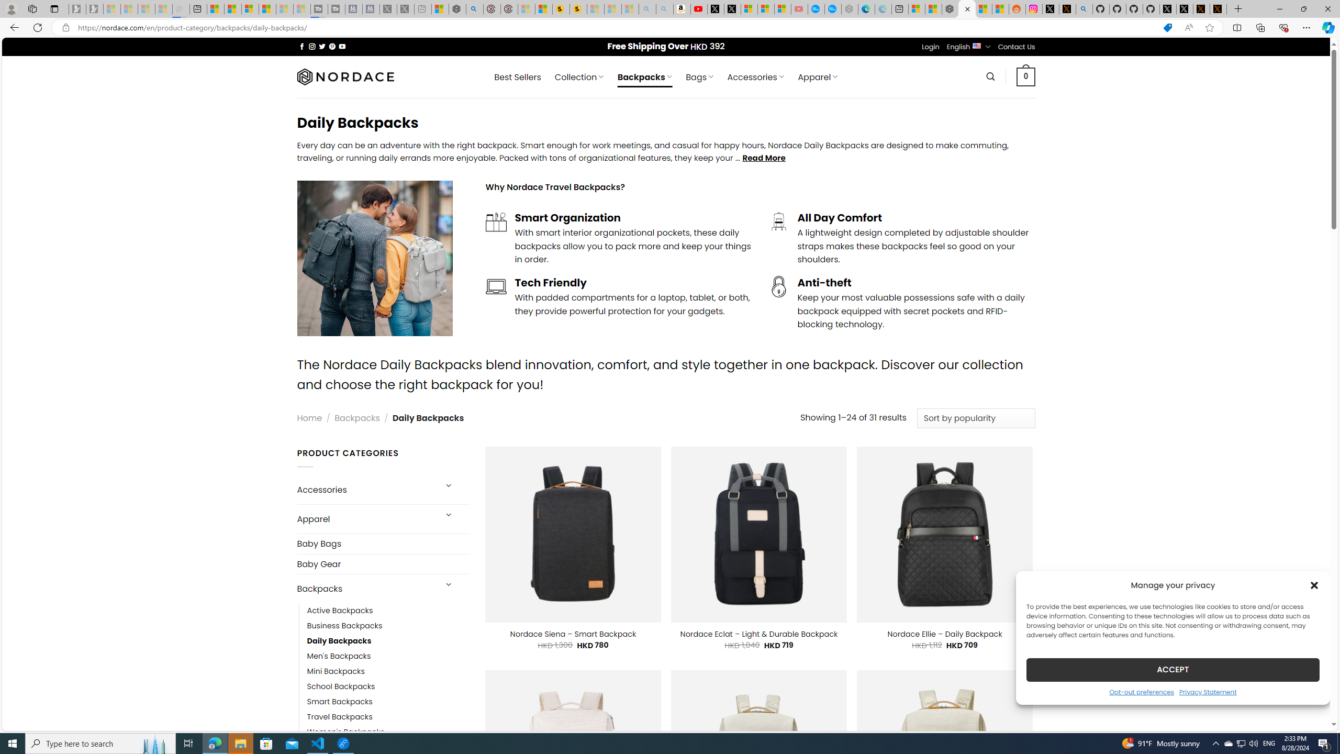 This screenshot has width=1340, height=754. I want to click on 'Nordace - Best Sellers', so click(950, 8).